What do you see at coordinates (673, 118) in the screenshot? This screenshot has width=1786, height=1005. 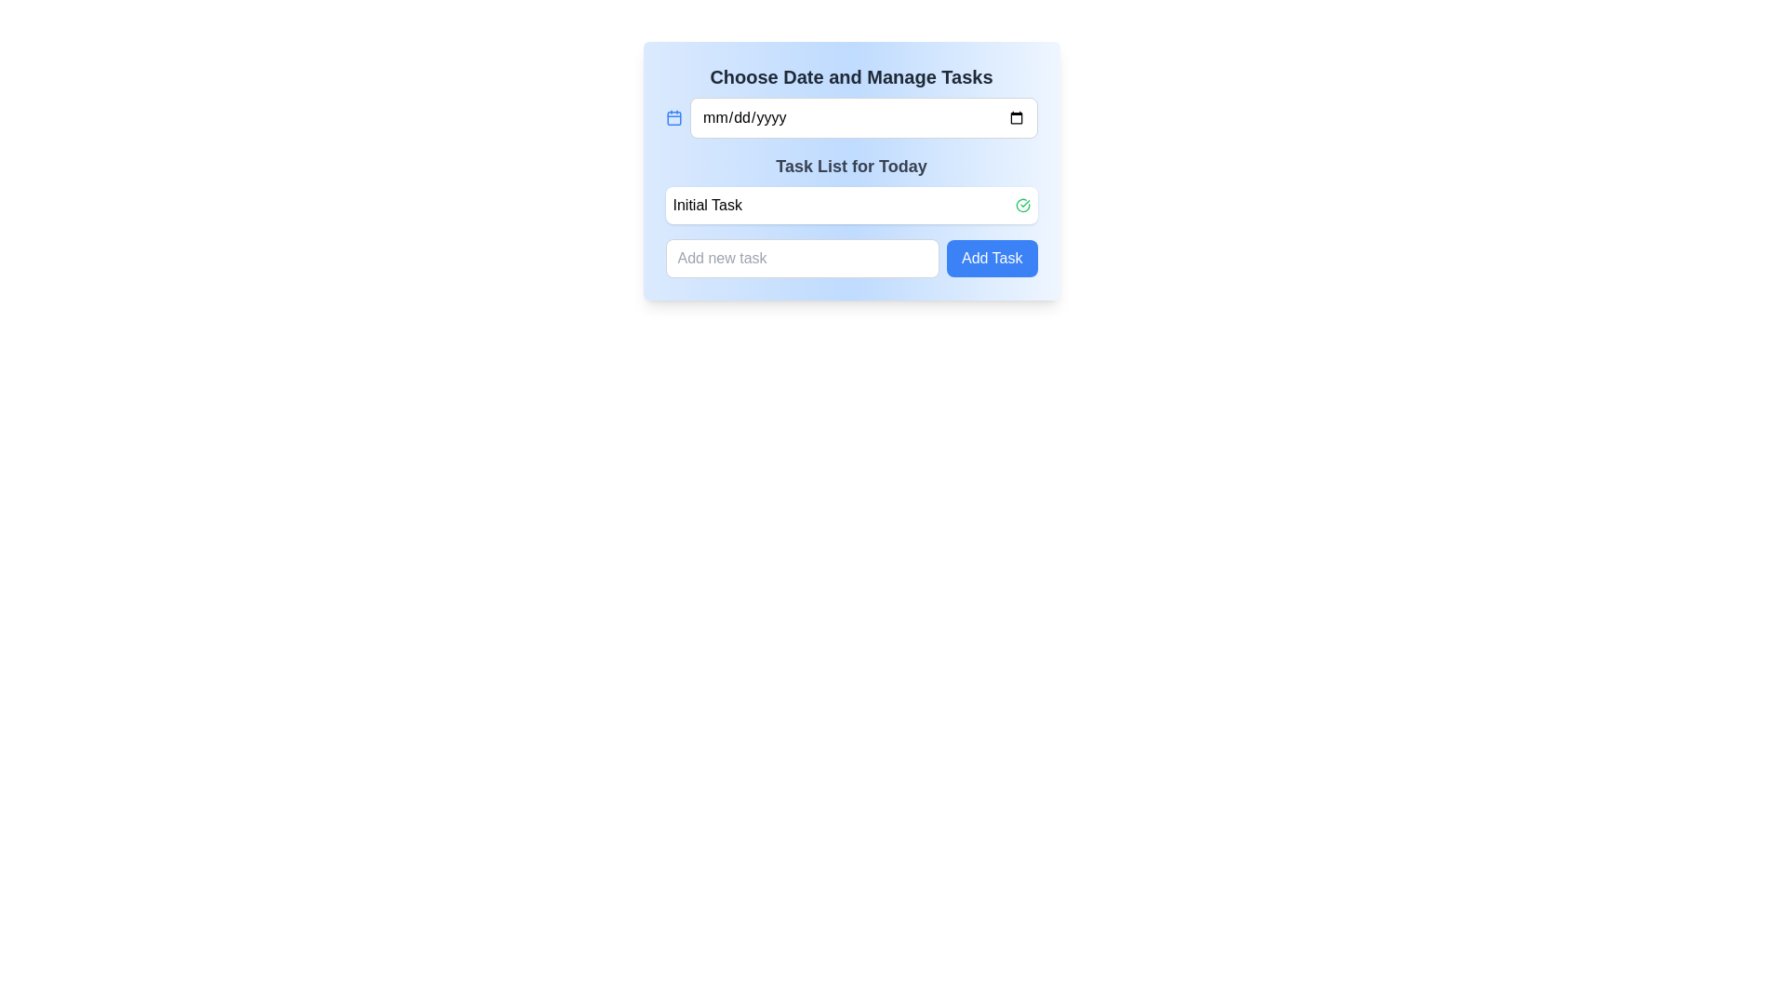 I see `the blue calendar icon located to the left of the date input field` at bounding box center [673, 118].